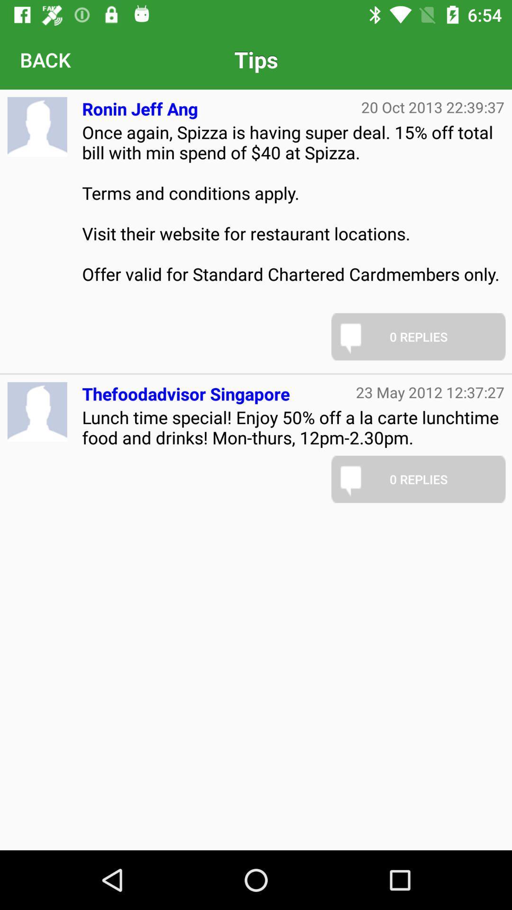 Image resolution: width=512 pixels, height=910 pixels. Describe the element at coordinates (140, 105) in the screenshot. I see `the icon next to the 20 oct 2013` at that location.